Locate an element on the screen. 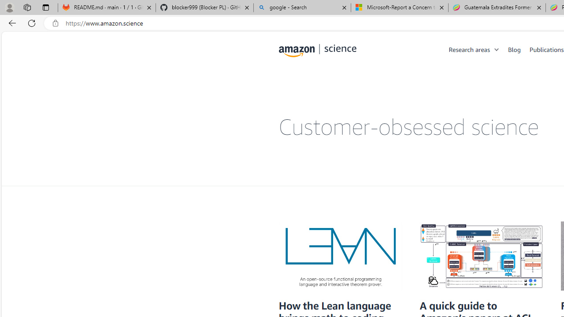 The width and height of the screenshot is (564, 317). 'Blog' is located at coordinates (519, 49).